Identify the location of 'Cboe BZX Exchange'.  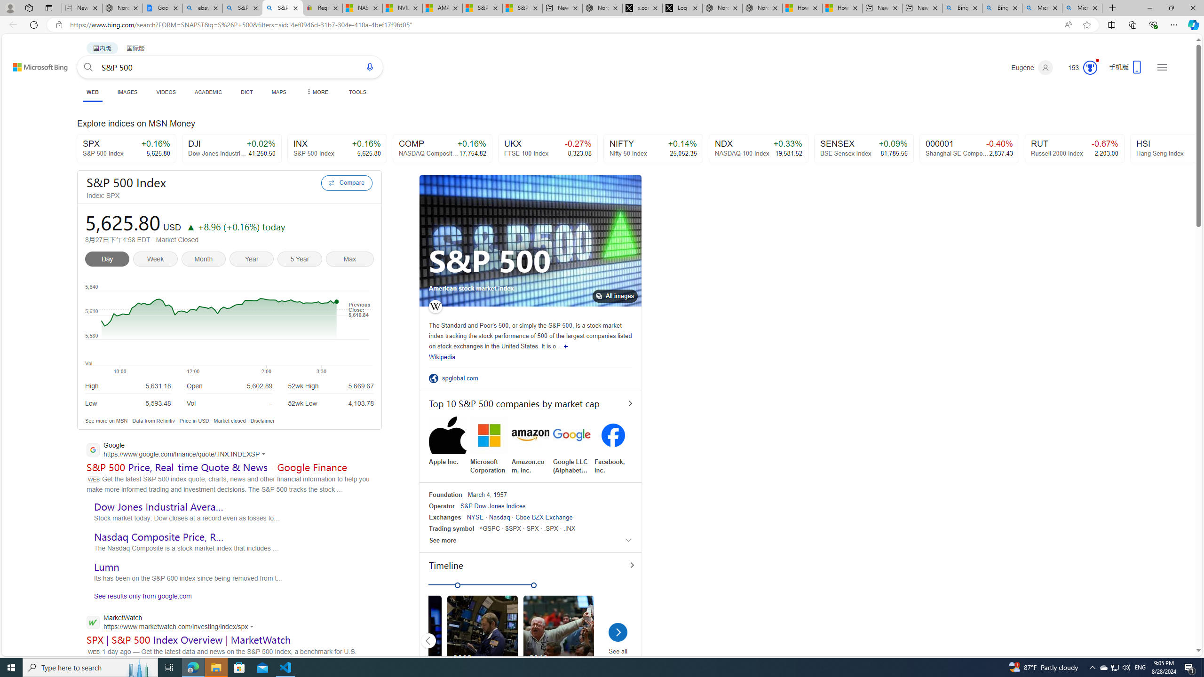
(544, 517).